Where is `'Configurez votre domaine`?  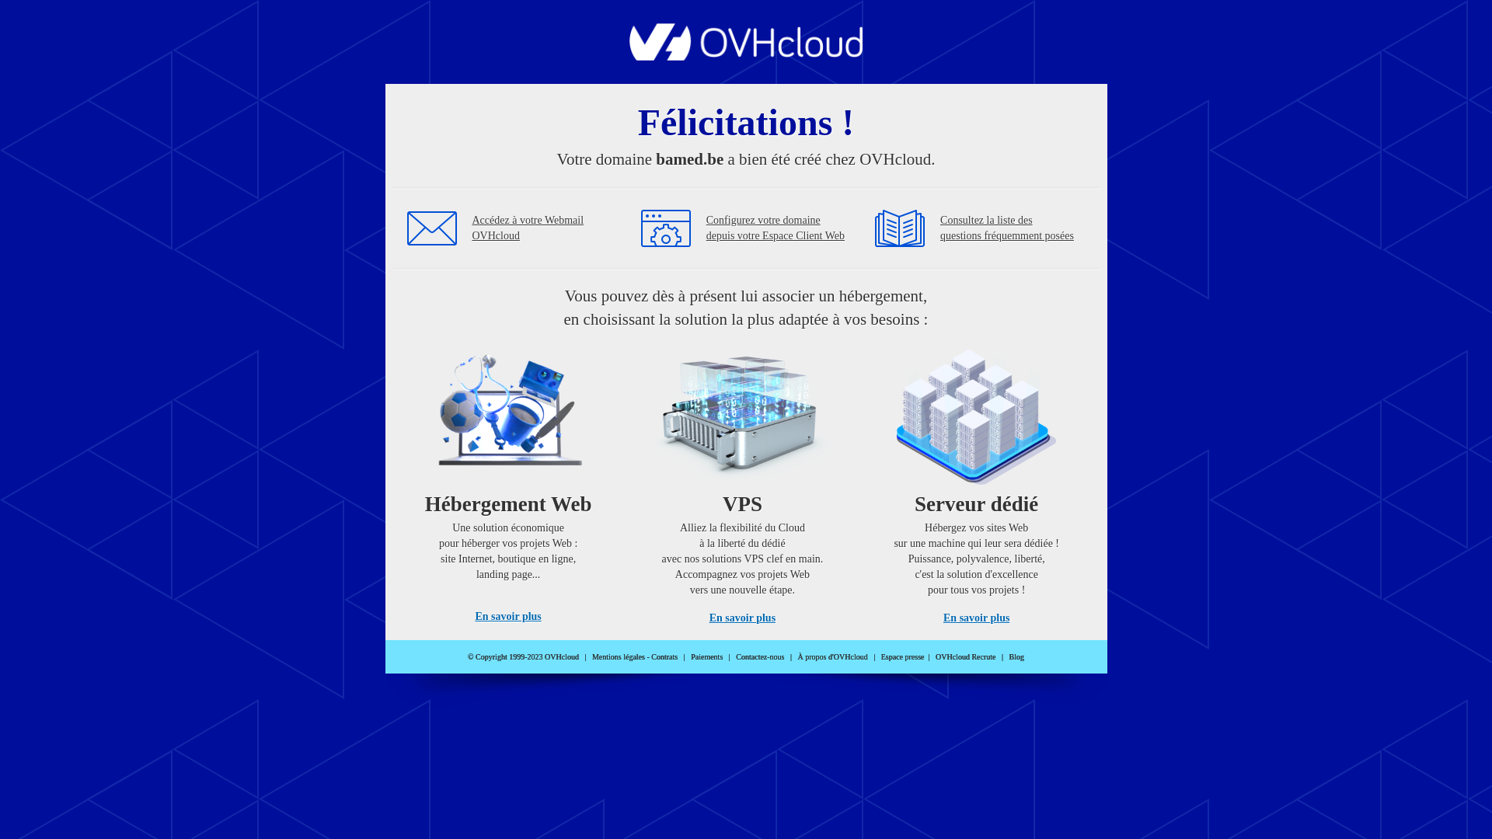 'Configurez votre domaine is located at coordinates (705, 228).